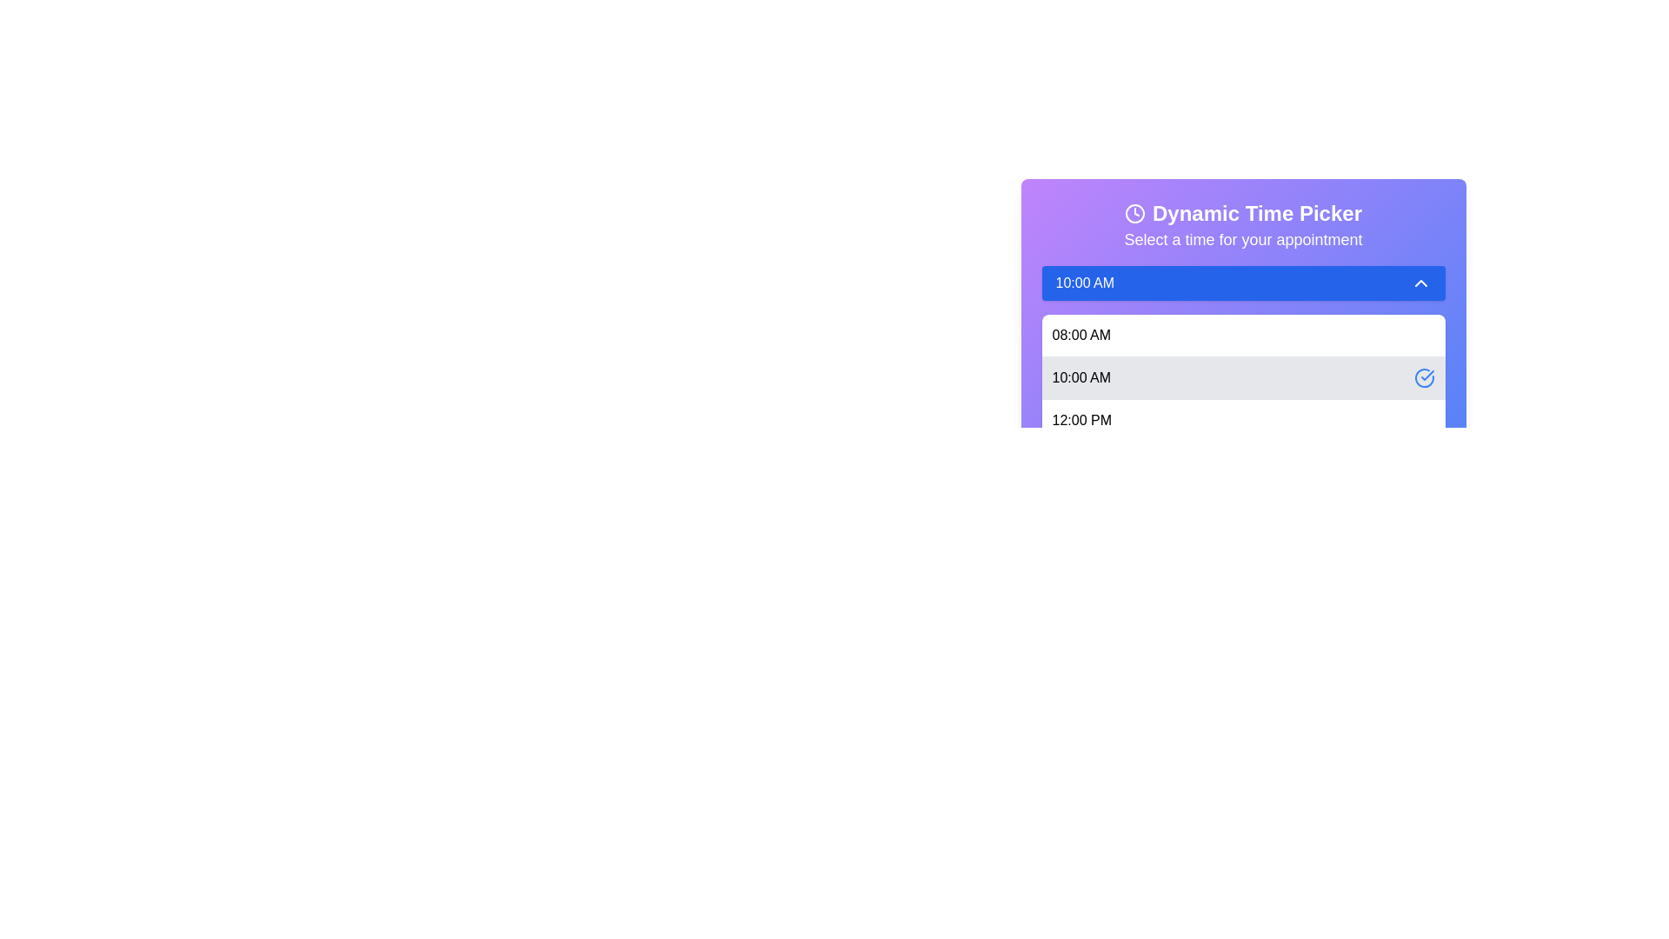 This screenshot has height=939, width=1669. Describe the element at coordinates (1424, 377) in the screenshot. I see `the confirmation status indicator icon located on the right side of the interactive picker interface for the '10:00 AM' time slot` at that location.